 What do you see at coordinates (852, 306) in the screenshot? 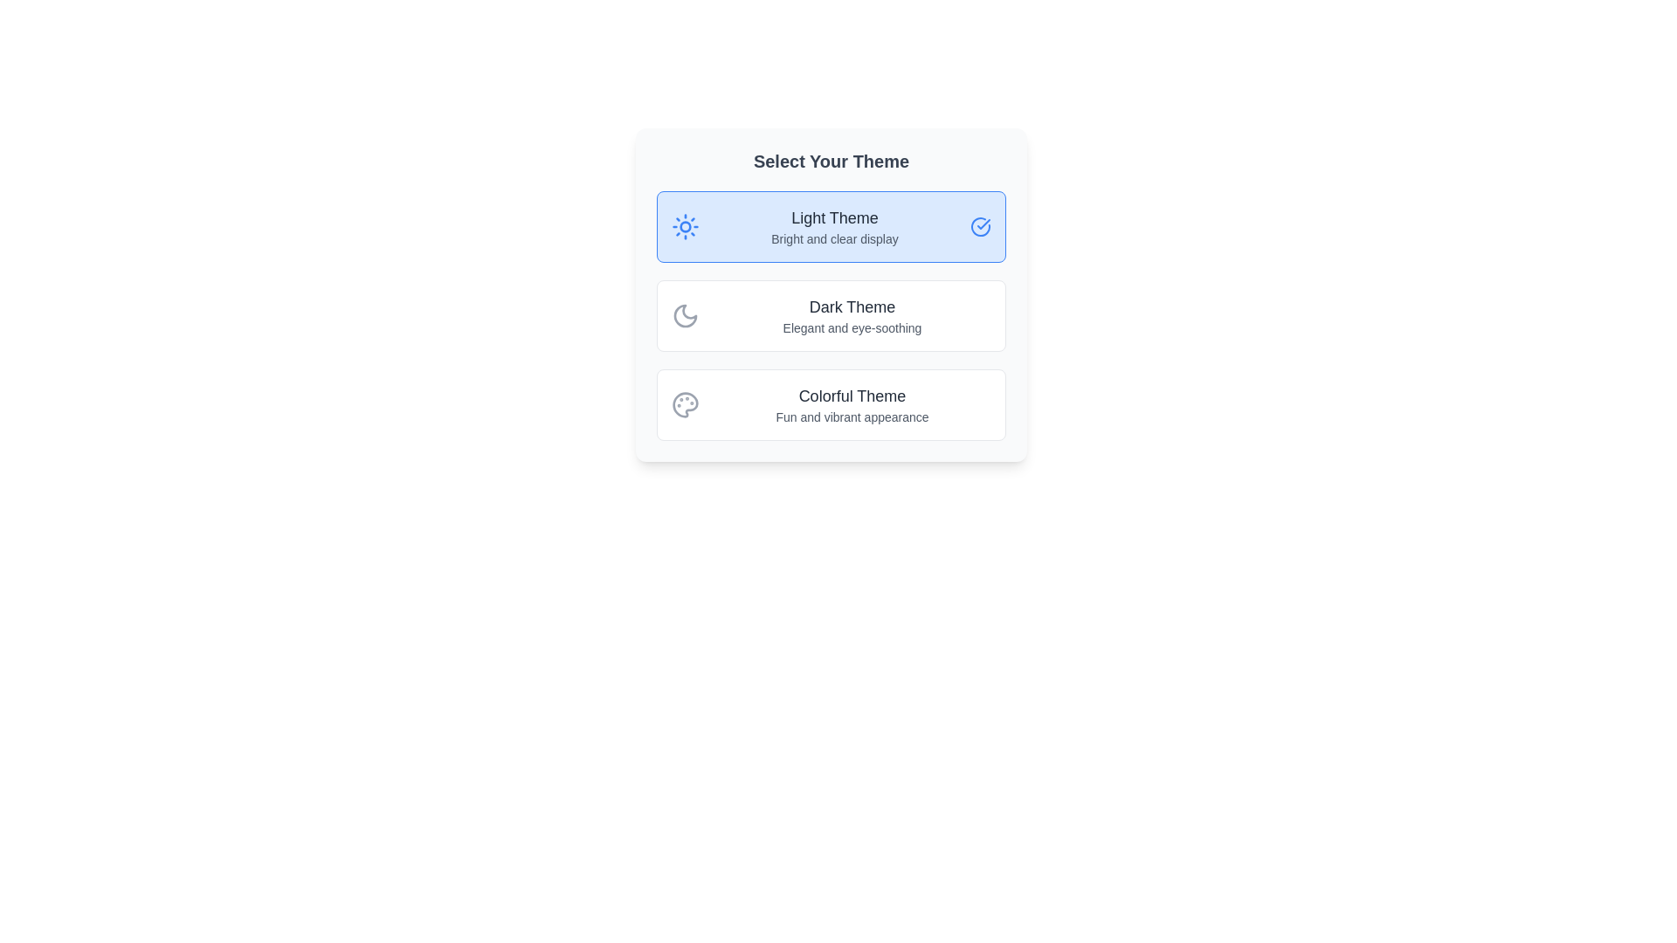
I see `the text label indicating the second theme option in the 'Select Your Theme' panel` at bounding box center [852, 306].